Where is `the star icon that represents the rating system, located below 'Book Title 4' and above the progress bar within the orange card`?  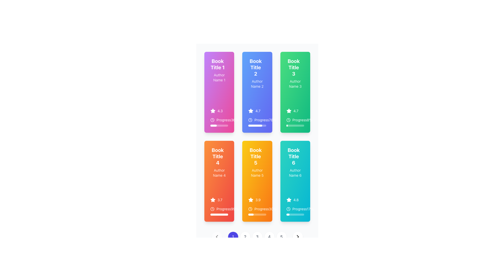 the star icon that represents the rating system, located below 'Book Title 4' and above the progress bar within the orange card is located at coordinates (213, 199).